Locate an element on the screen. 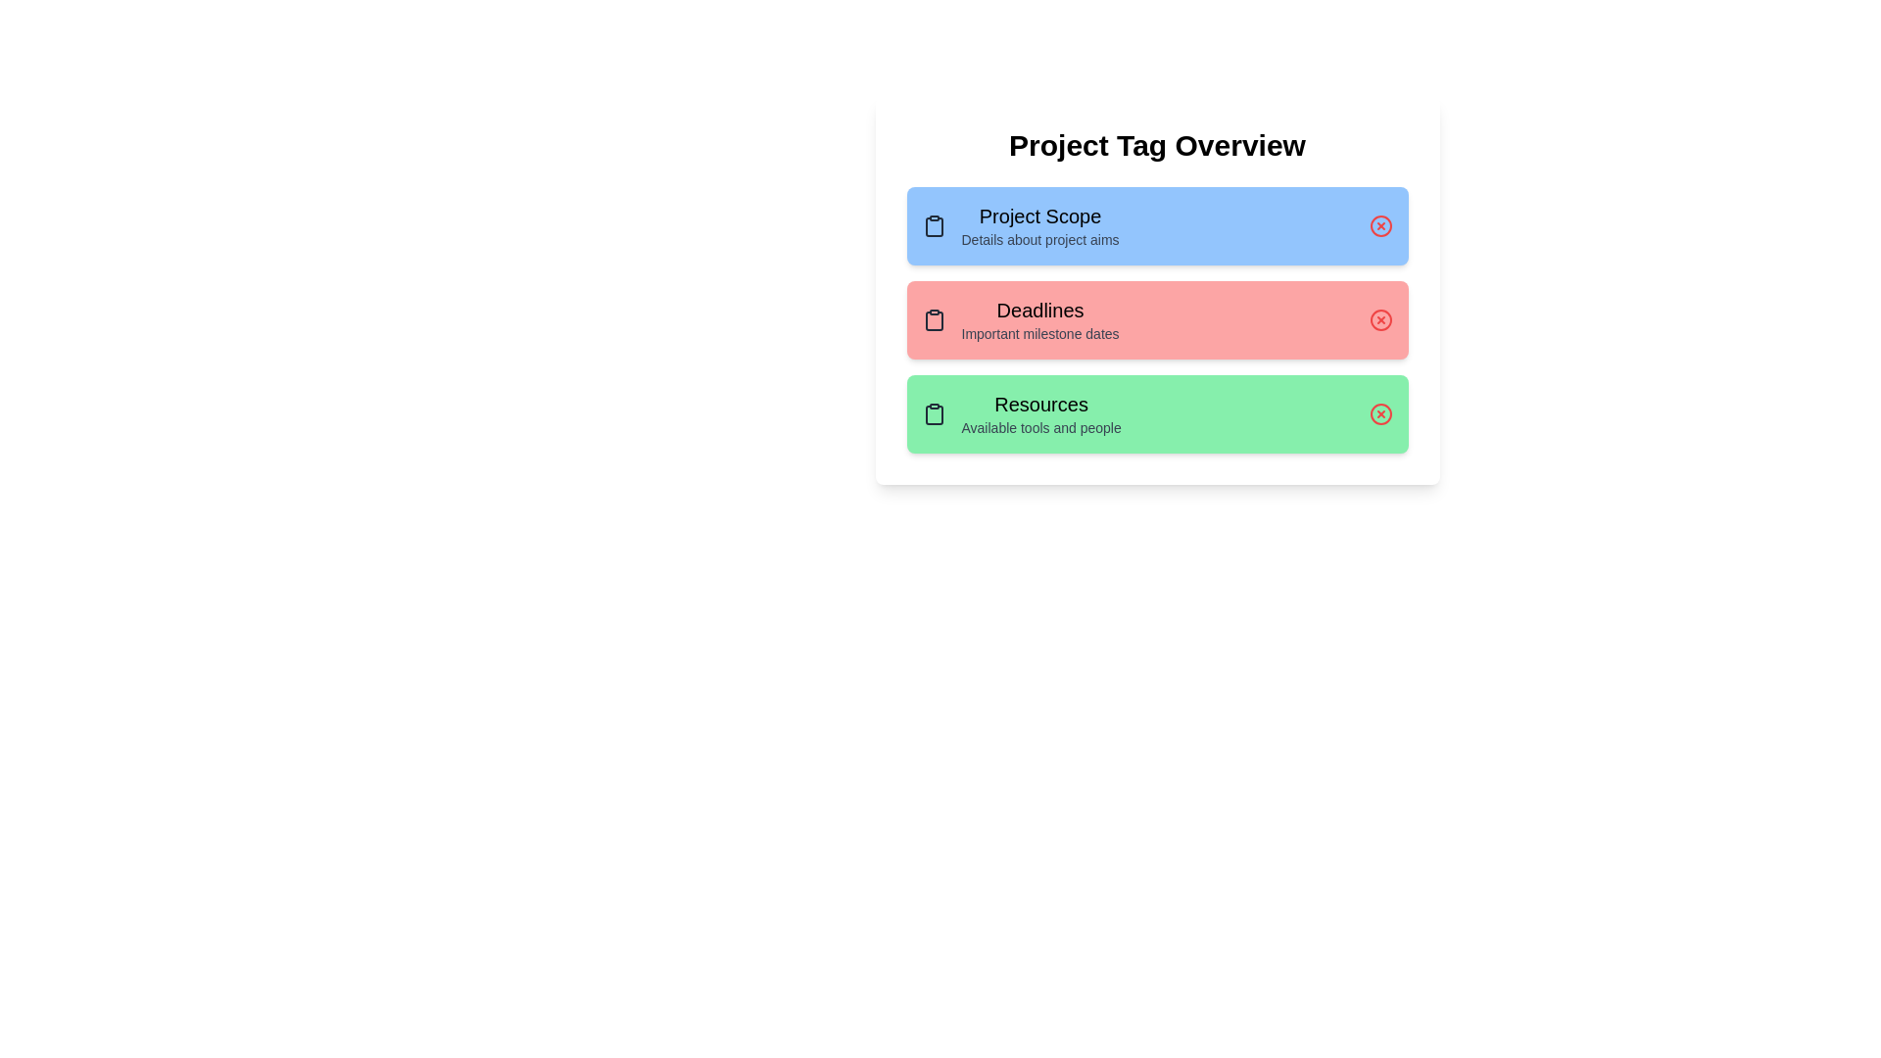 The width and height of the screenshot is (1881, 1058). the clipboard icon associated with the tag Project Scope is located at coordinates (933, 225).